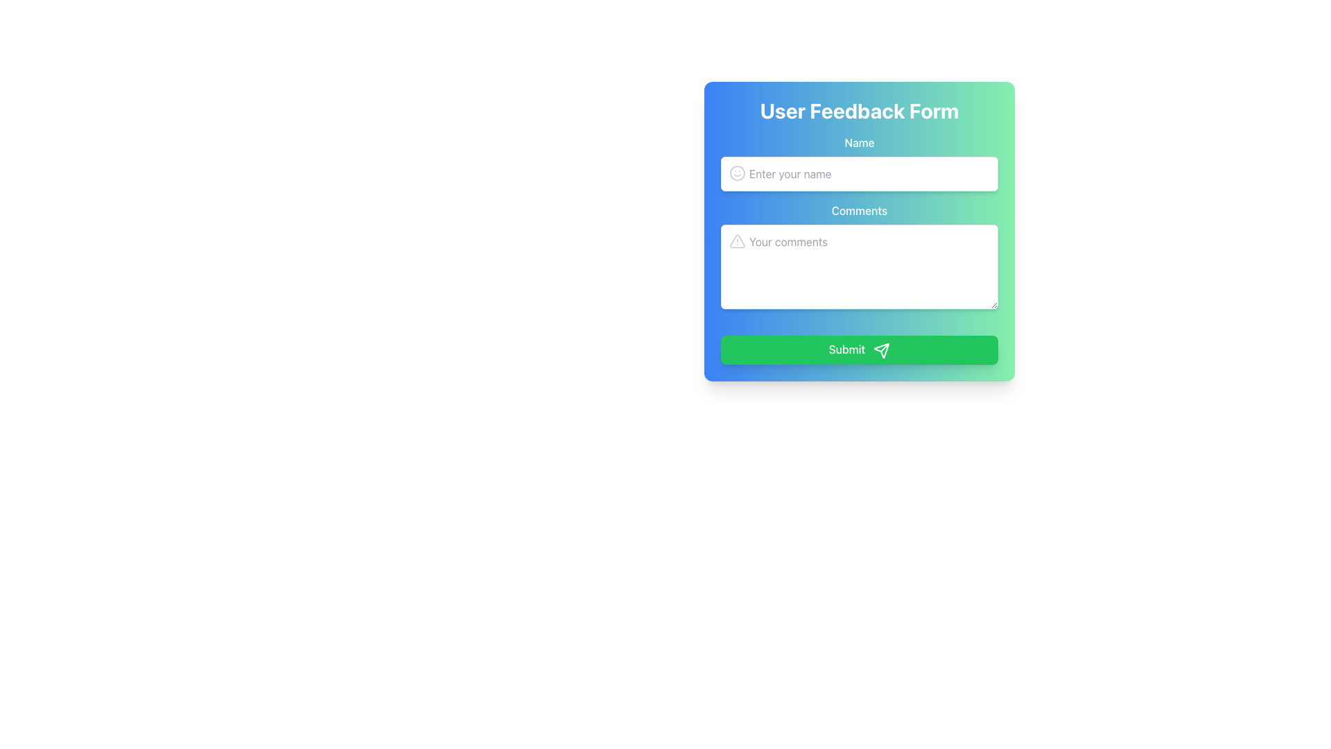 The height and width of the screenshot is (749, 1331). What do you see at coordinates (884, 347) in the screenshot?
I see `the line segment of the SVG icon that is part of the 'Submit' button at the bottom of the form interface` at bounding box center [884, 347].